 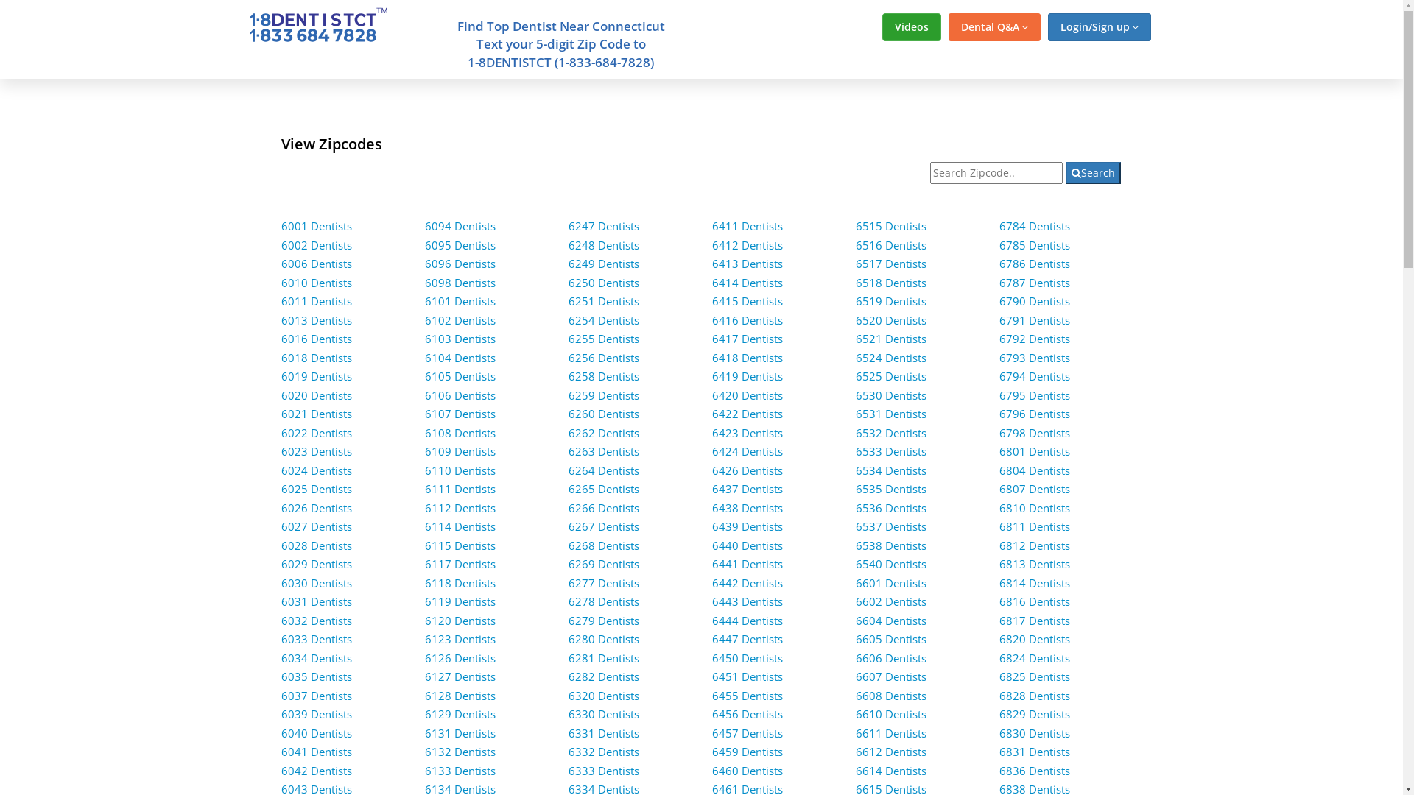 I want to click on '6094 Dentists', so click(x=459, y=226).